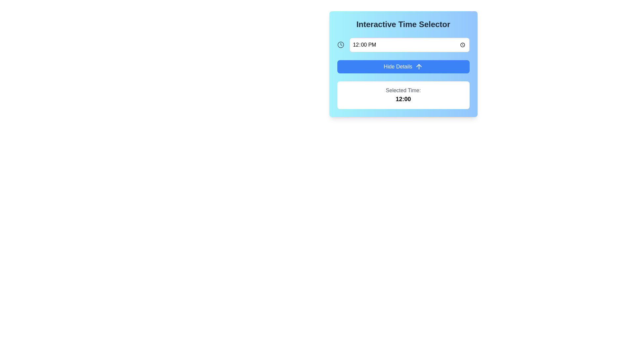 The image size is (635, 357). What do you see at coordinates (341, 45) in the screenshot?
I see `the time-related icon, which visually represents time functionality and is positioned to the left of the '12:00 PM' time input field` at bounding box center [341, 45].